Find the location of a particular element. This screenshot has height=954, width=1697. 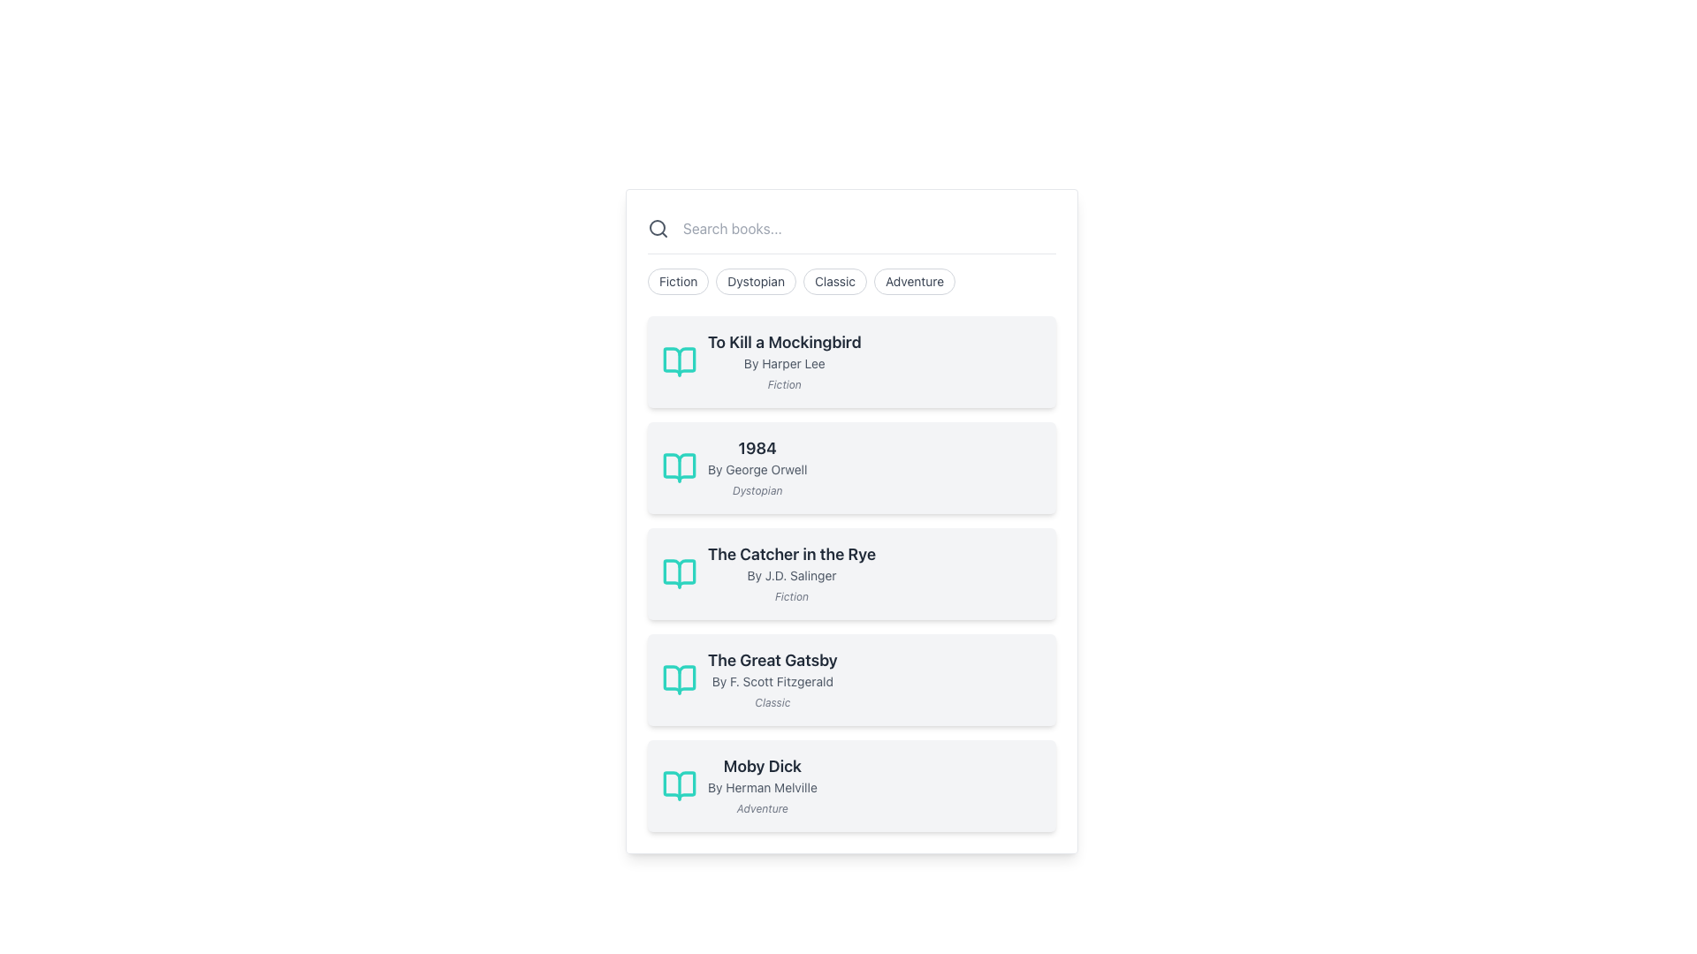

the text label displaying 'By F. Scott Fitzgerald' which is located beneath the title 'The Great Gatsby' and above the 'Classic' text is located at coordinates (772, 680).